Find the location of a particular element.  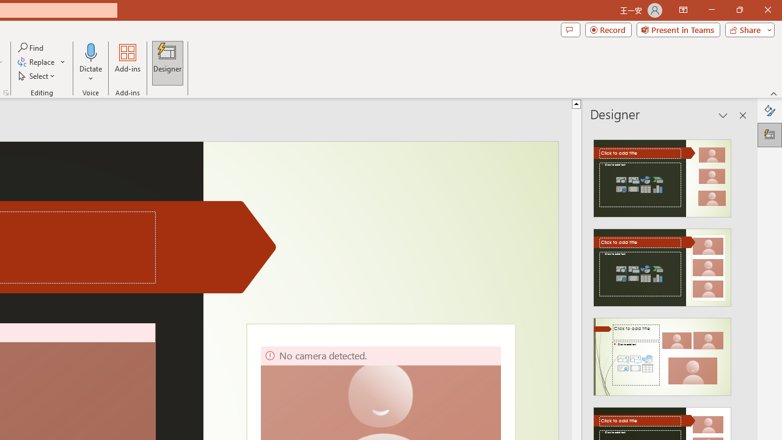

'Replace...' is located at coordinates (37, 62).